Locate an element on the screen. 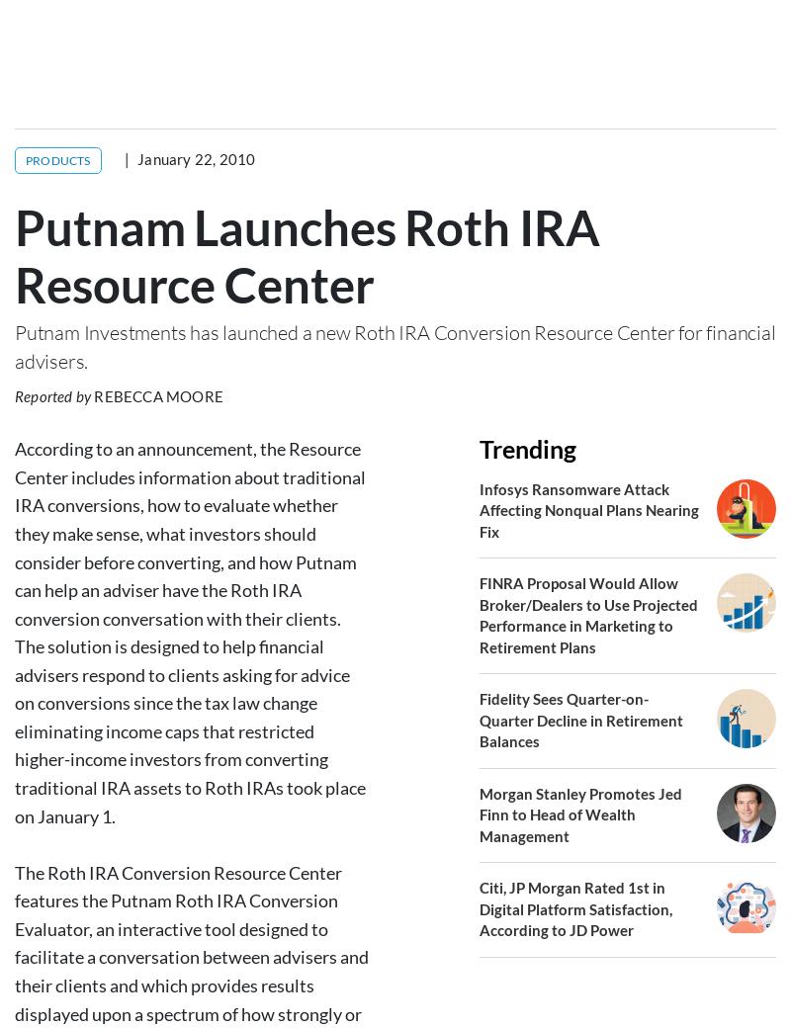  'You Might Also Like:' is located at coordinates (180, 1000).